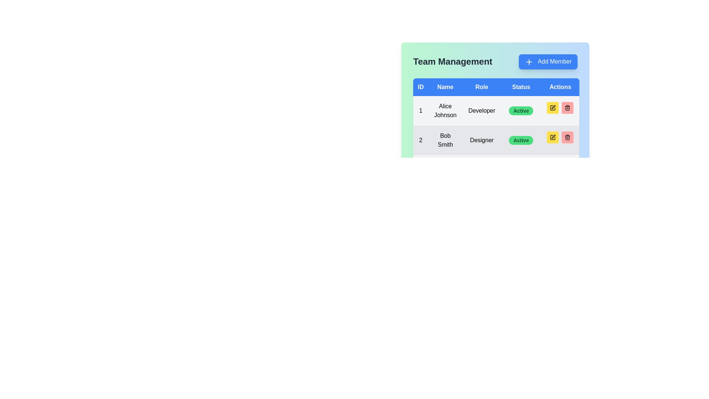 The height and width of the screenshot is (399, 709). What do you see at coordinates (521, 140) in the screenshot?
I see `the green badge labeled 'Active' indicating the status of 'Bob Smith' in the table` at bounding box center [521, 140].